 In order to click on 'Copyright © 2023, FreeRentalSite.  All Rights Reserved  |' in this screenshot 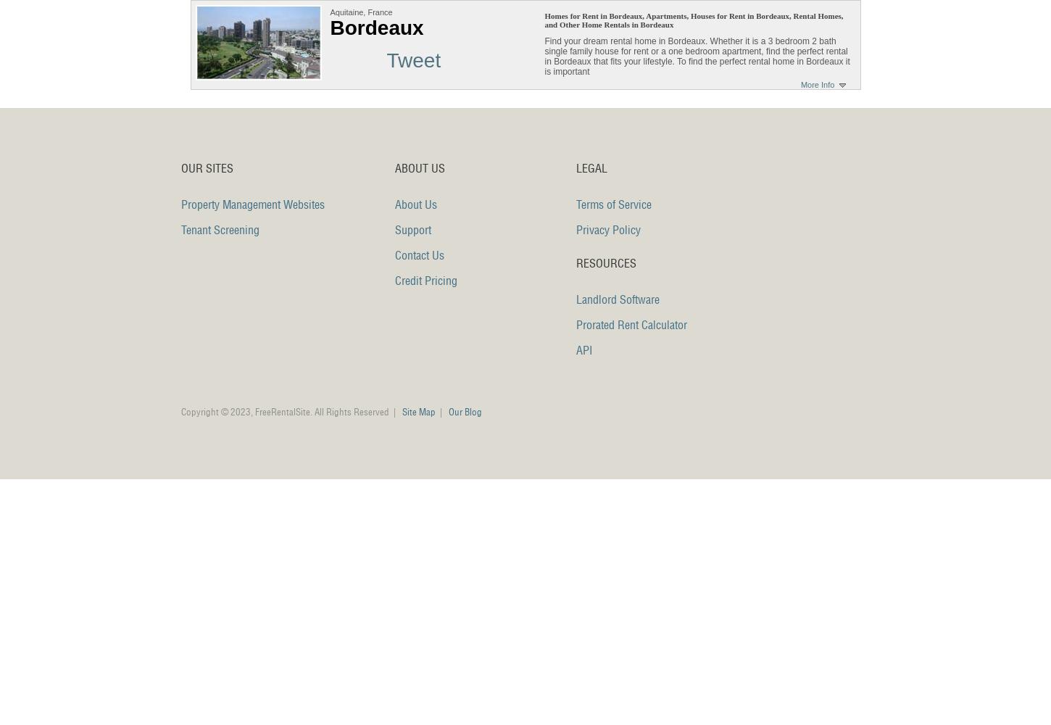, I will do `click(291, 411)`.